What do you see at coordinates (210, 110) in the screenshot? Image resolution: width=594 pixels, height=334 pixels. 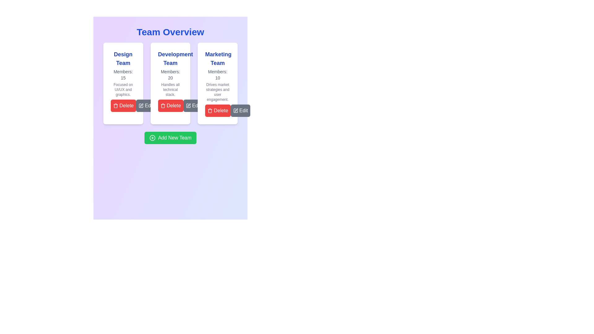 I see `the trash can icon within the 'Delete' button, which is positioned to the left of the text 'Delete' below the 'Development Team' card` at bounding box center [210, 110].